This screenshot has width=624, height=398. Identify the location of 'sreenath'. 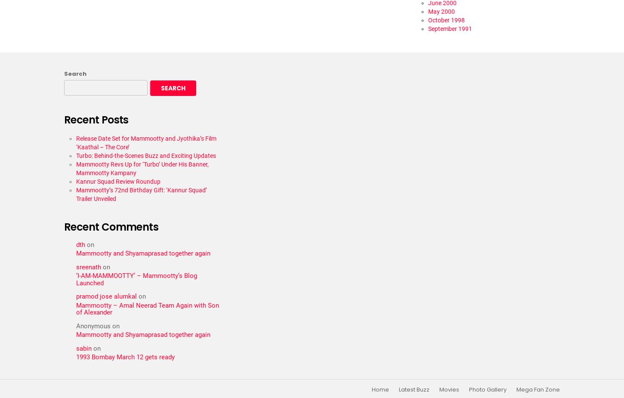
(88, 267).